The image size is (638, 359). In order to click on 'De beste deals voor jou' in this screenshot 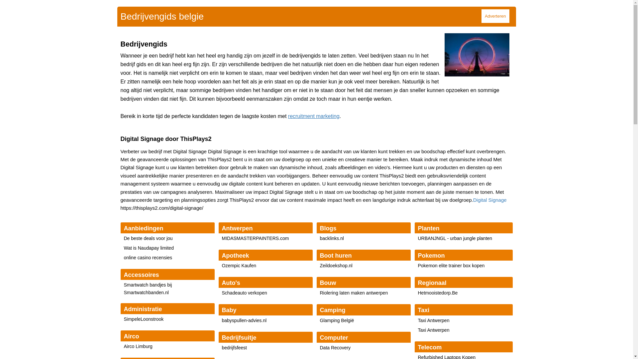, I will do `click(148, 238)`.